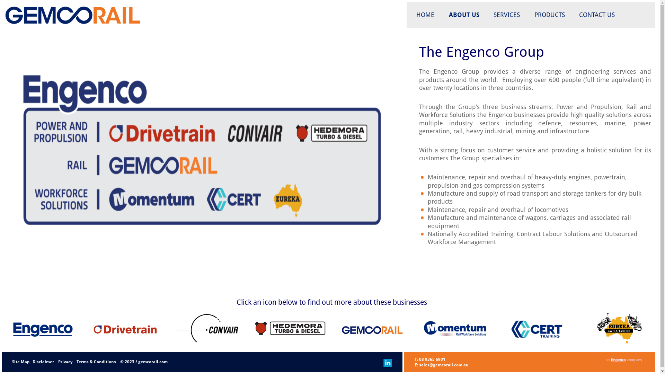  Describe the element at coordinates (412, 15) in the screenshot. I see `'HOME'` at that location.